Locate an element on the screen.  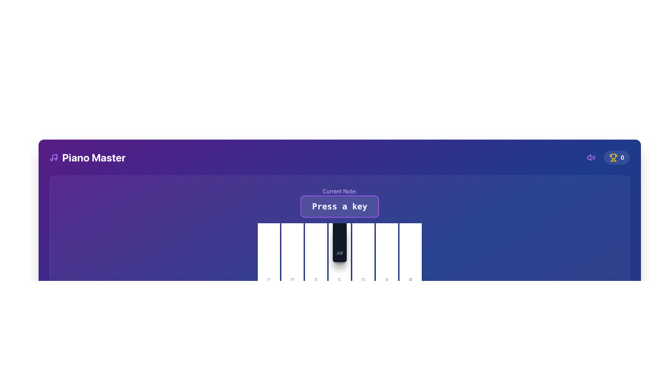
the Score display component, which features a yellow trophy icon and bold white text '0', to access its linked functionality, such as viewing achievements is located at coordinates (617, 158).